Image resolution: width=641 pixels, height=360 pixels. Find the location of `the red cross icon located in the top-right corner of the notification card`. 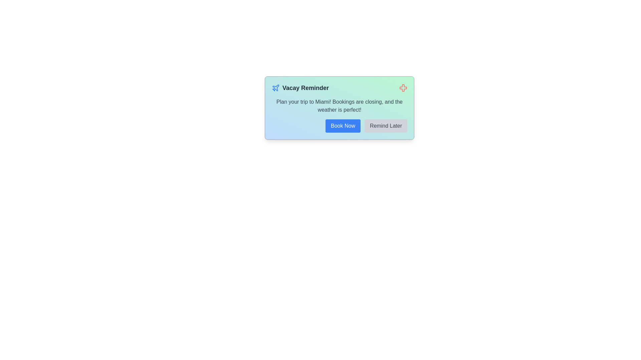

the red cross icon located in the top-right corner of the notification card is located at coordinates (403, 87).